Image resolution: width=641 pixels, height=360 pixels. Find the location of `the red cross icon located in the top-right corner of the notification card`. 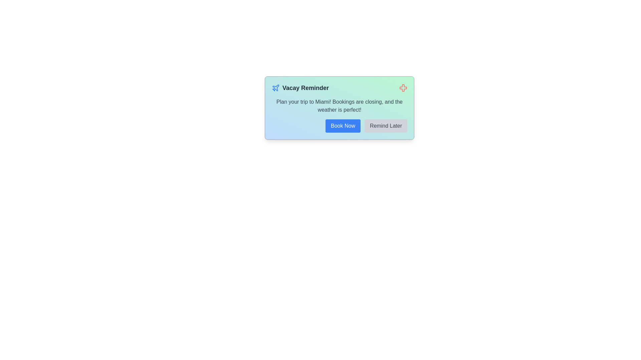

the red cross icon located in the top-right corner of the notification card is located at coordinates (403, 87).